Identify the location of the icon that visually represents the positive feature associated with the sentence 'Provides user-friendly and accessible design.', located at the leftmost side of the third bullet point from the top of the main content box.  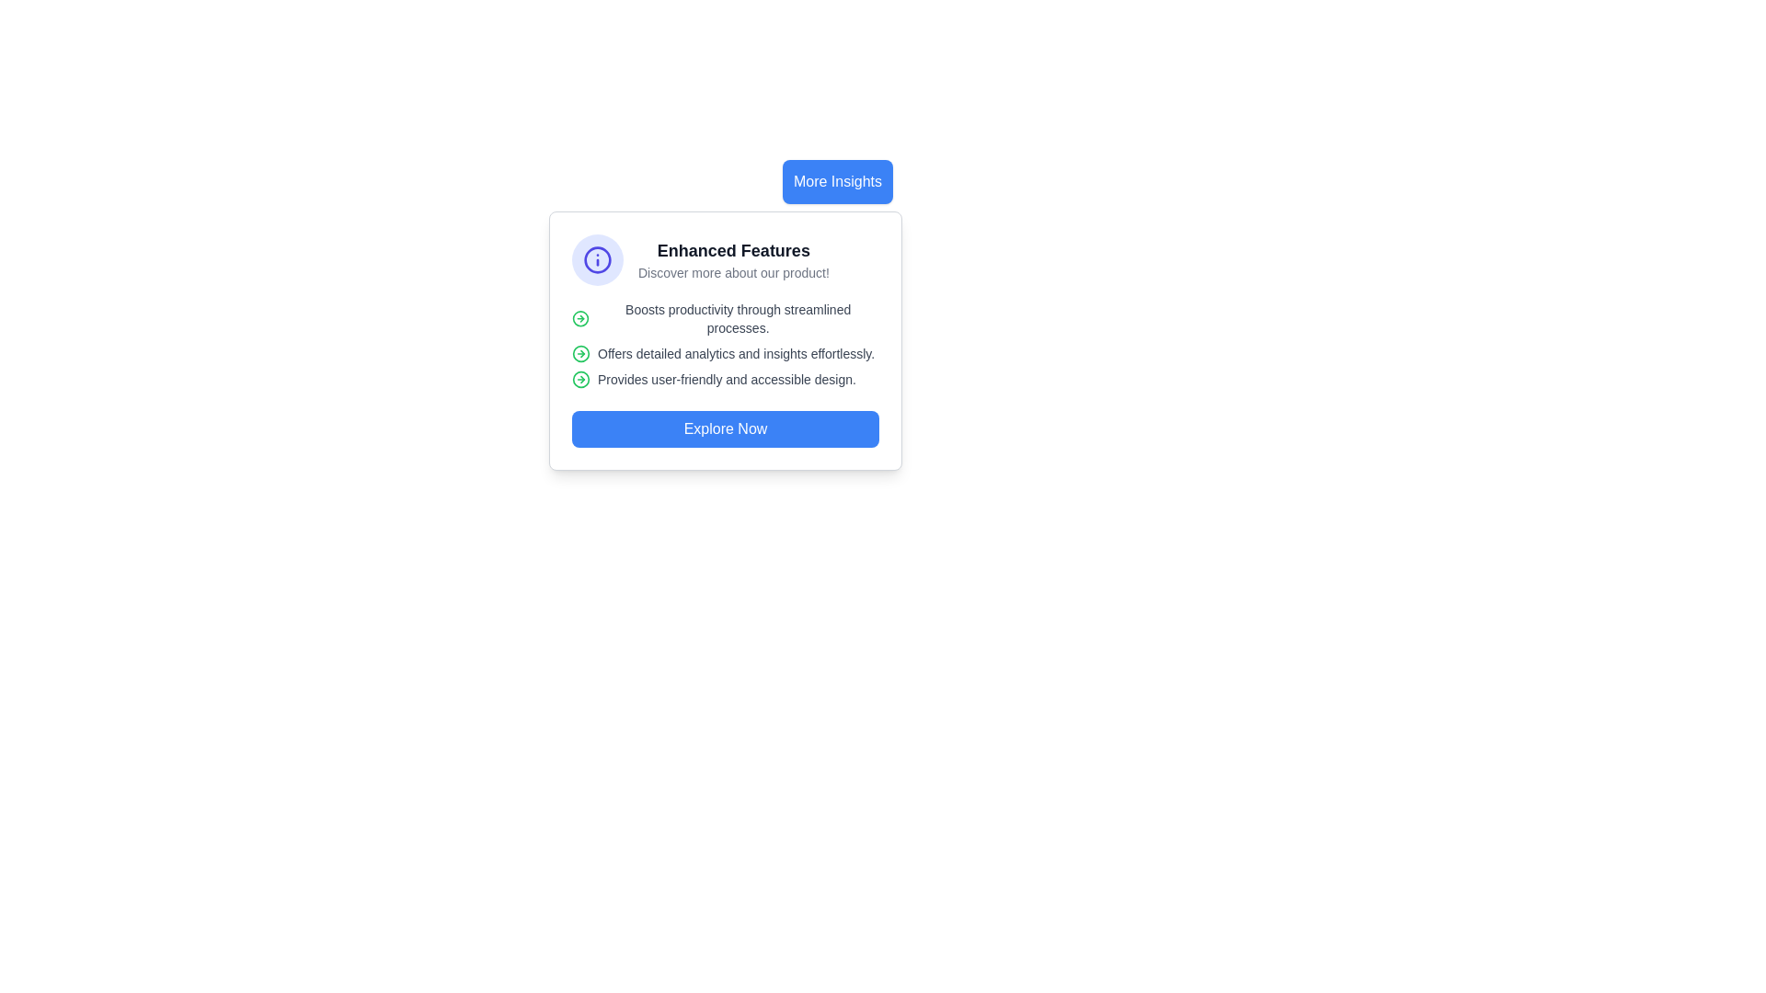
(580, 378).